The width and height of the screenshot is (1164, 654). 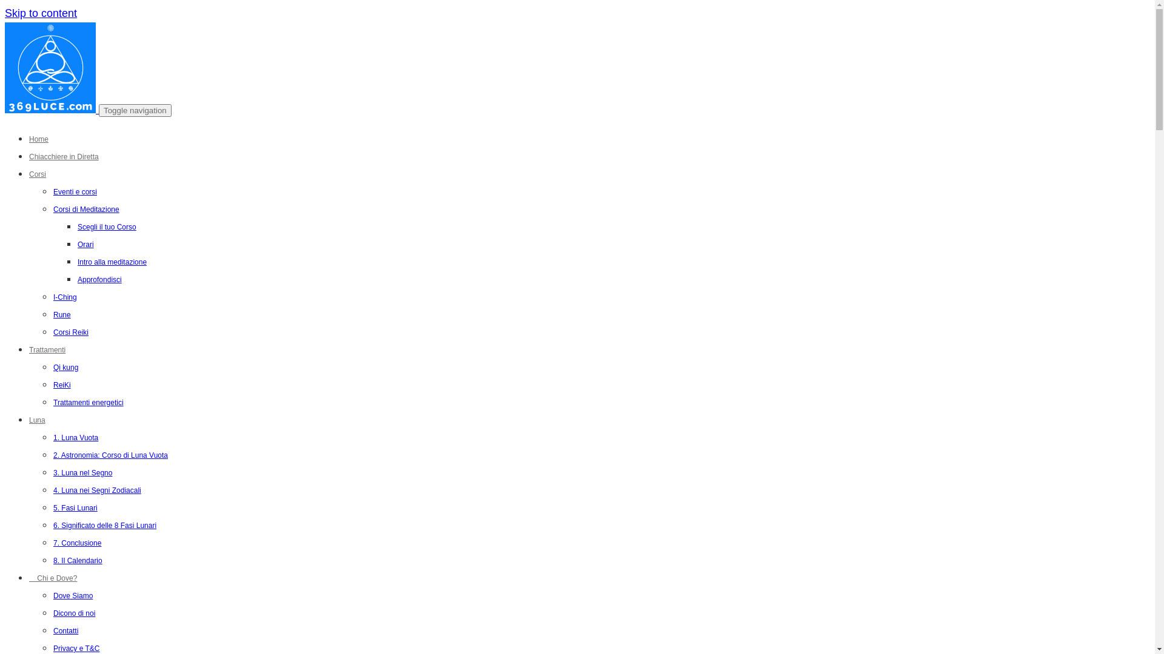 I want to click on 'Orari', so click(x=85, y=245).